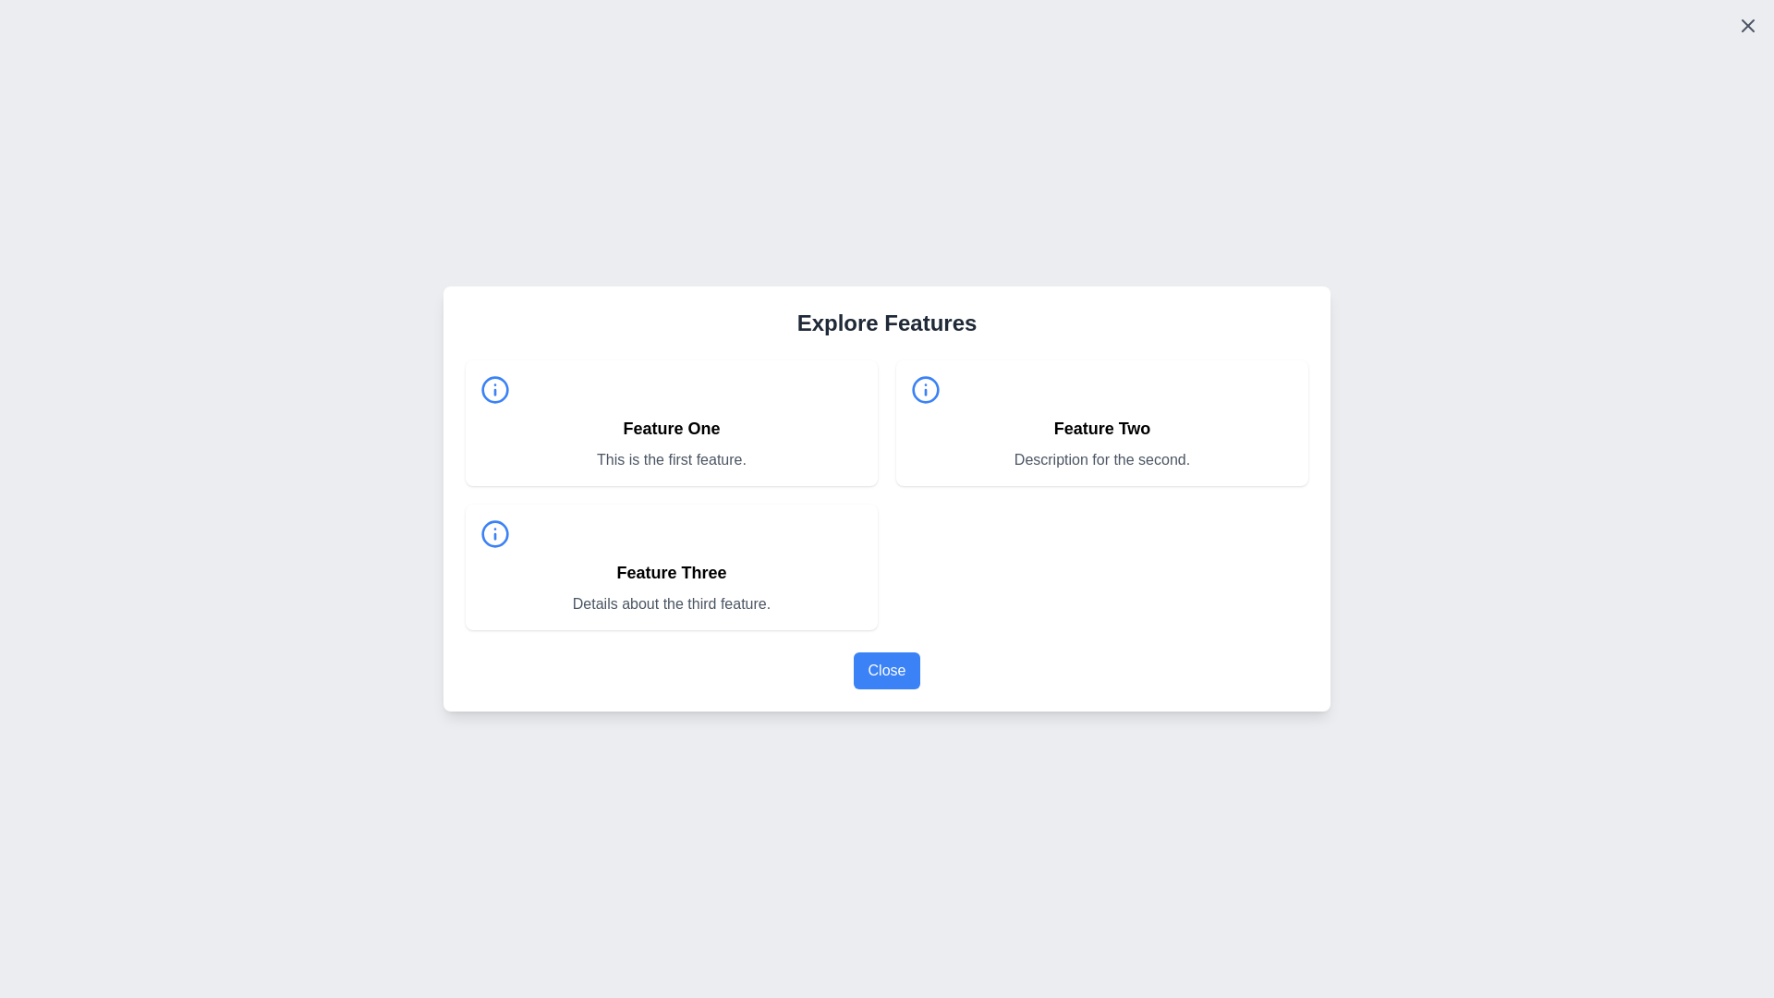 This screenshot has width=1774, height=998. What do you see at coordinates (926, 388) in the screenshot?
I see `the circle SVG shape indicating the 'Feature Two' panel in the top-right of the interface` at bounding box center [926, 388].